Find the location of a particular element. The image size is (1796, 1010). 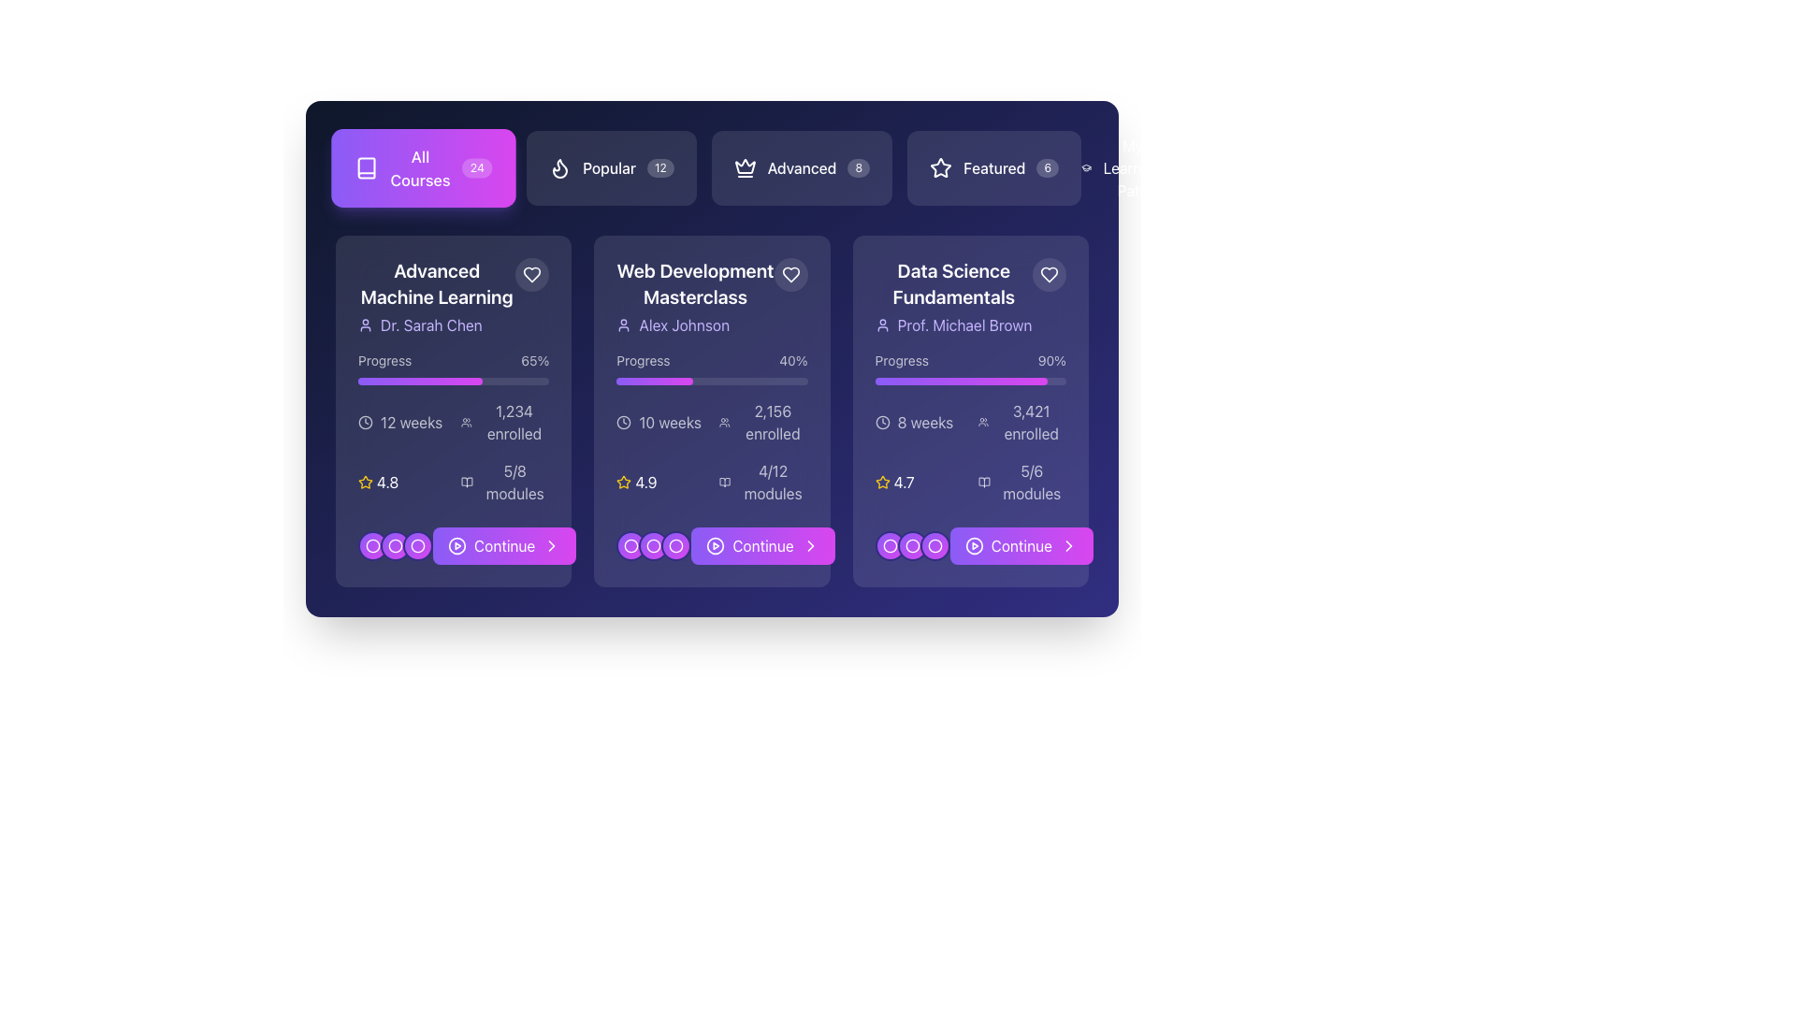

the text label displaying '65%' which is positioned in the 'Advanced Machine Learning' section, aligned with the 'Progress' label and a pink progress bar, indicating the progress percentage is located at coordinates (534, 360).